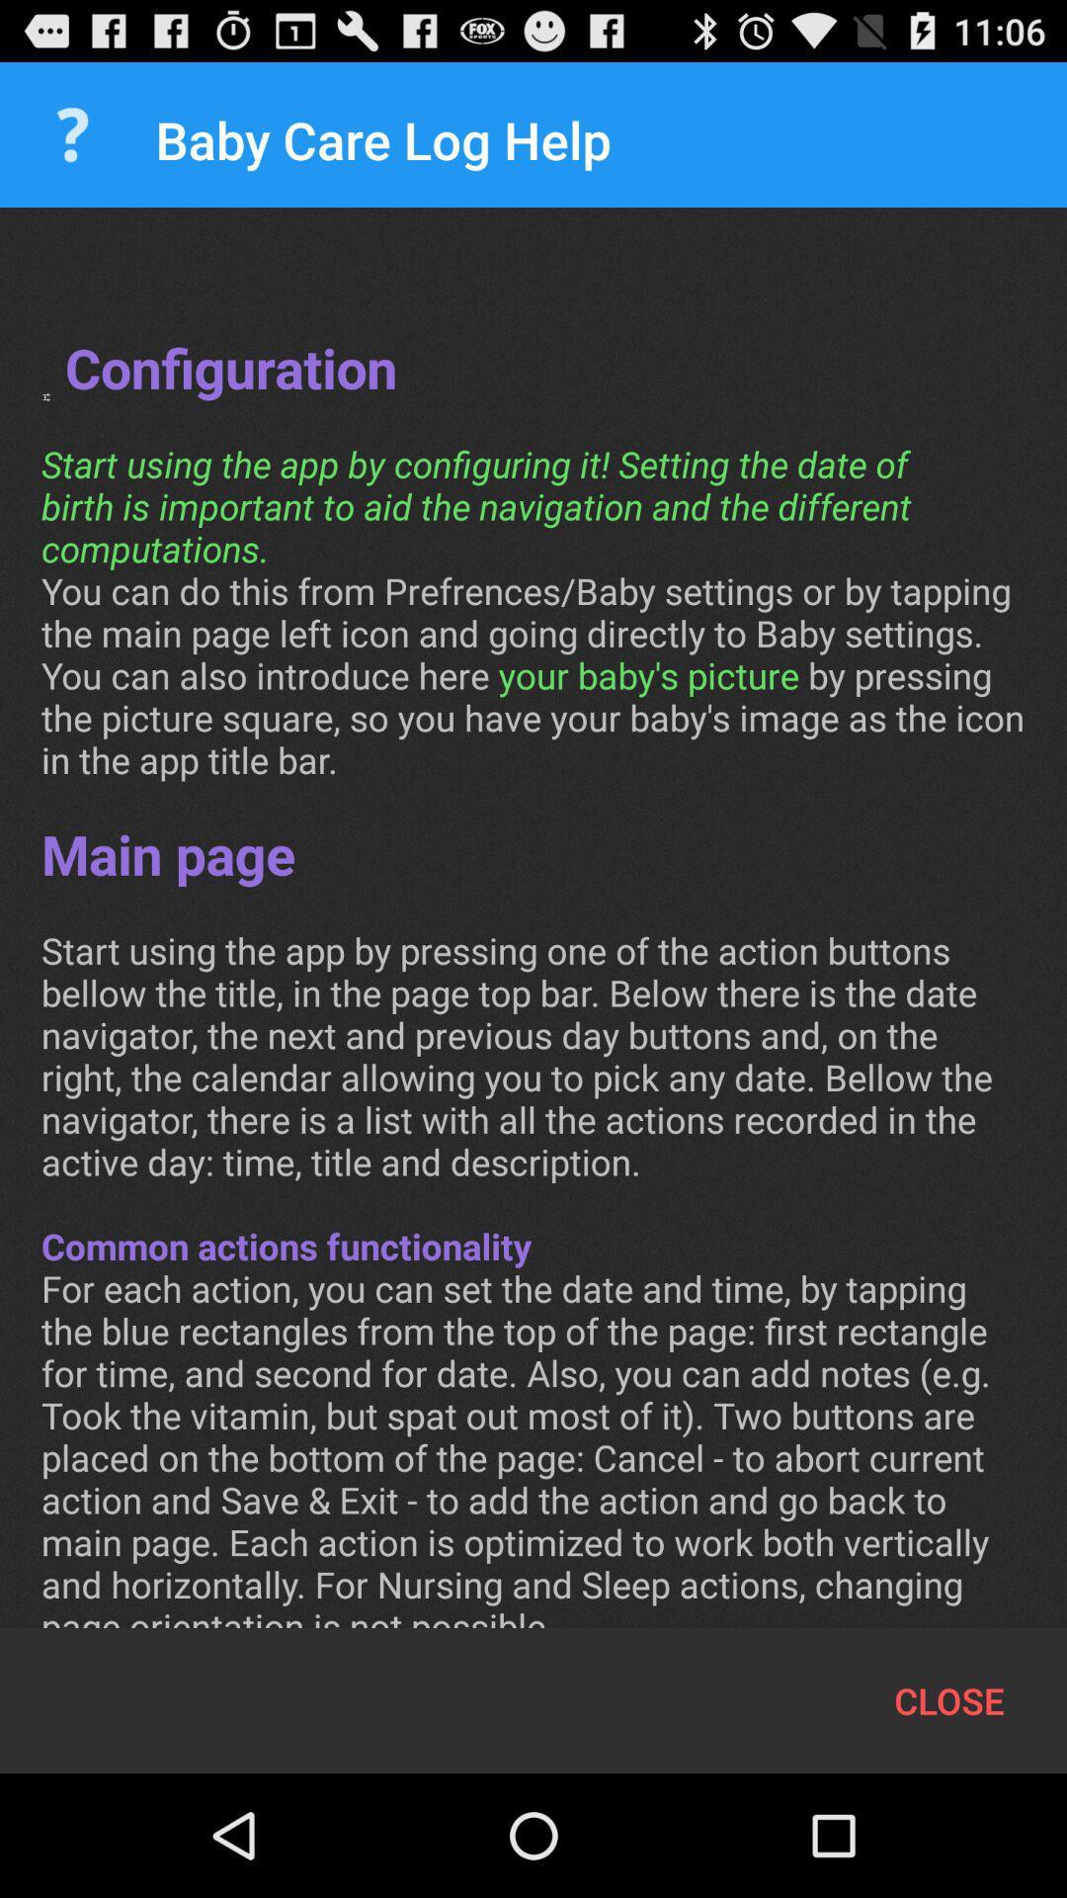 This screenshot has width=1067, height=1898. What do you see at coordinates (533, 937) in the screenshot?
I see `the conf configuration start at the center` at bounding box center [533, 937].